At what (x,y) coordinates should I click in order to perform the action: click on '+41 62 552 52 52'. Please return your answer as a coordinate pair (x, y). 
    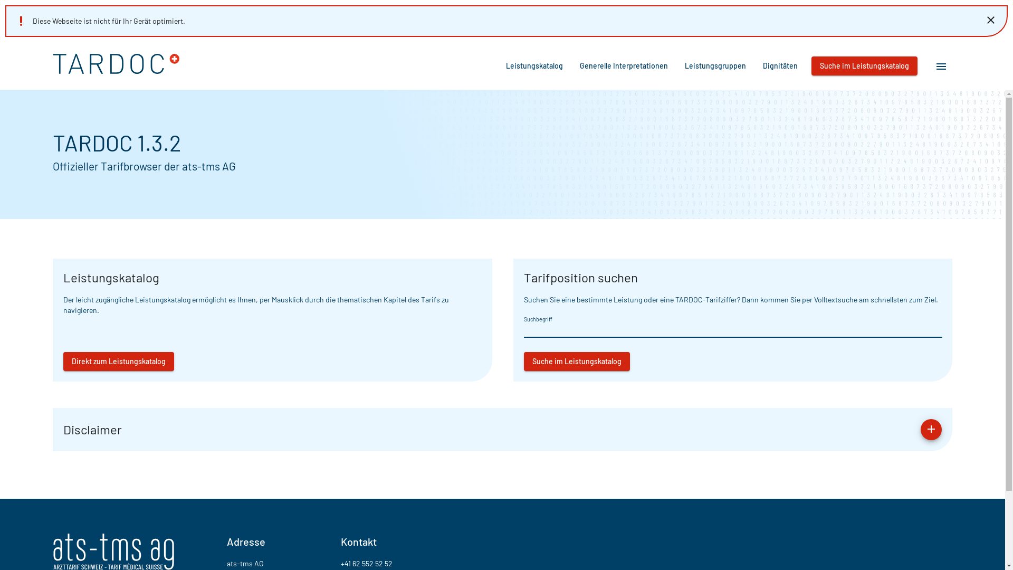
    Looking at the image, I should click on (367, 562).